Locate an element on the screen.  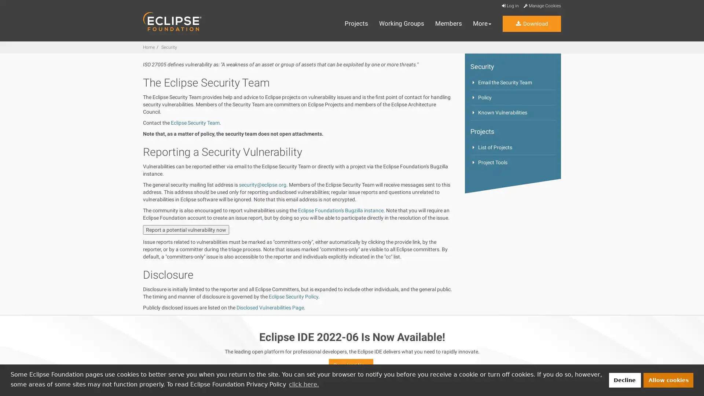
allow cookies is located at coordinates (668, 379).